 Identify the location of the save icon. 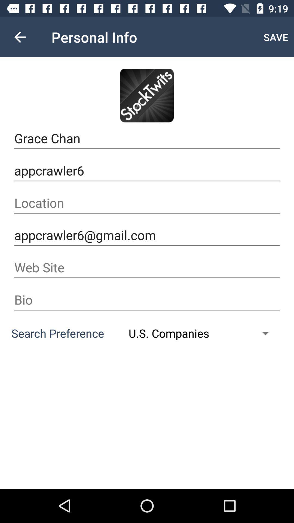
(276, 37).